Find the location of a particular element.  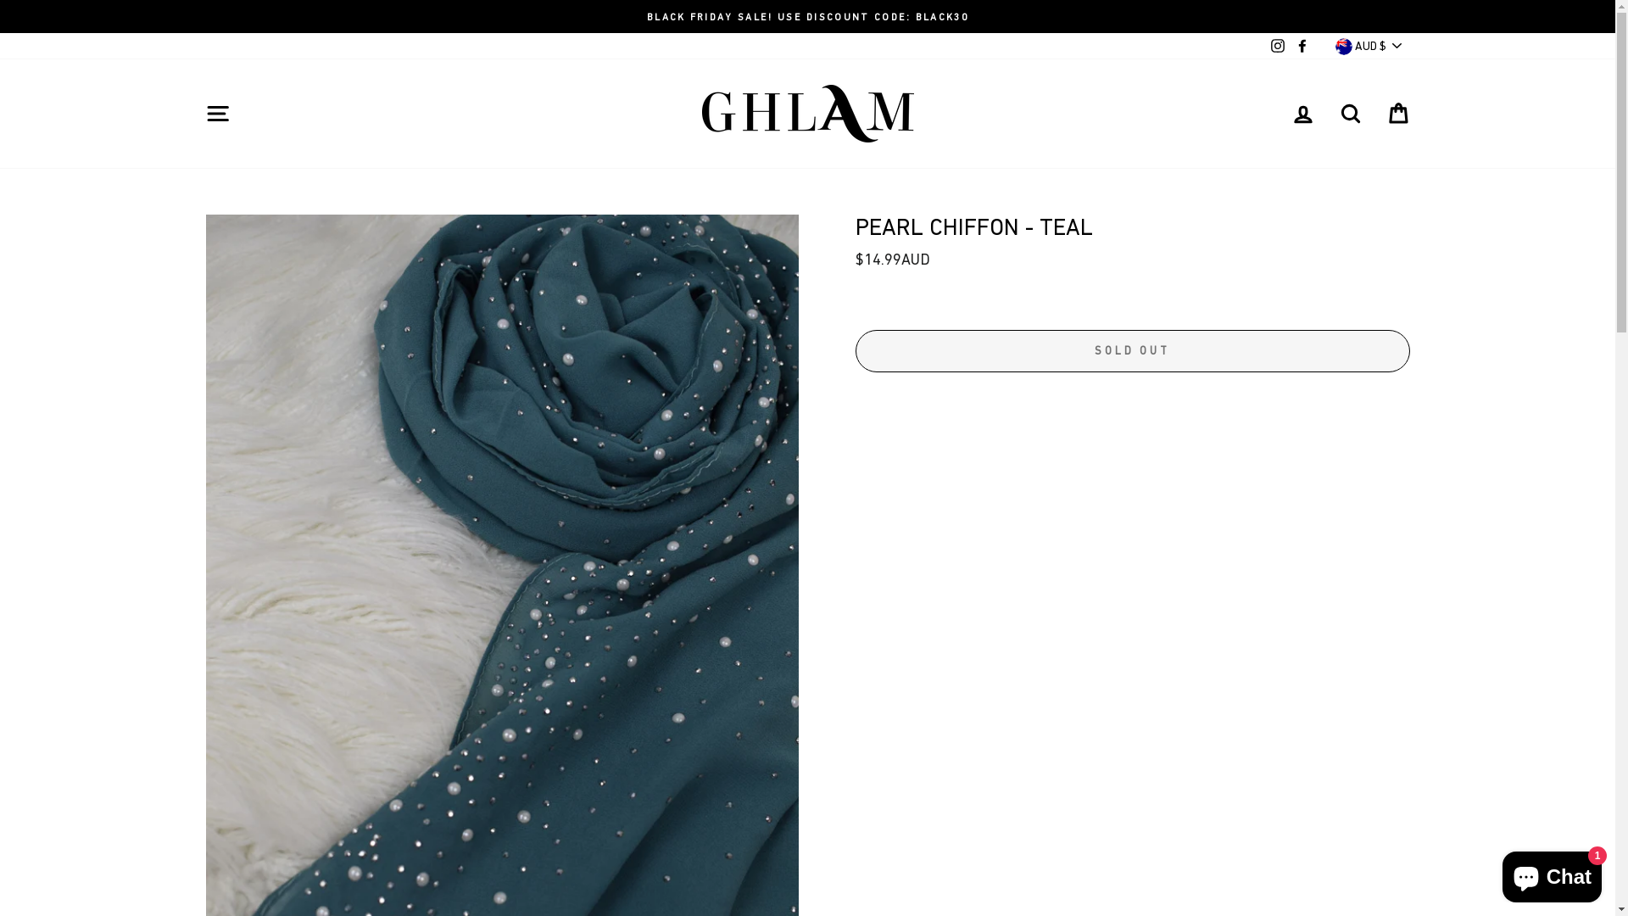

'LOG IN' is located at coordinates (1302, 113).